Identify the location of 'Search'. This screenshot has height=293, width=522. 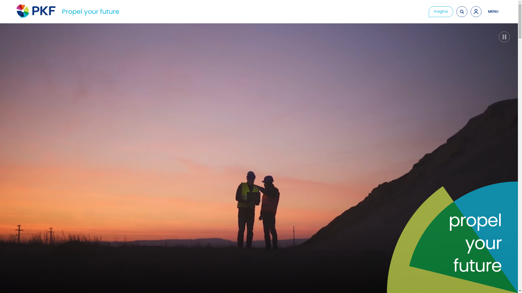
(462, 11).